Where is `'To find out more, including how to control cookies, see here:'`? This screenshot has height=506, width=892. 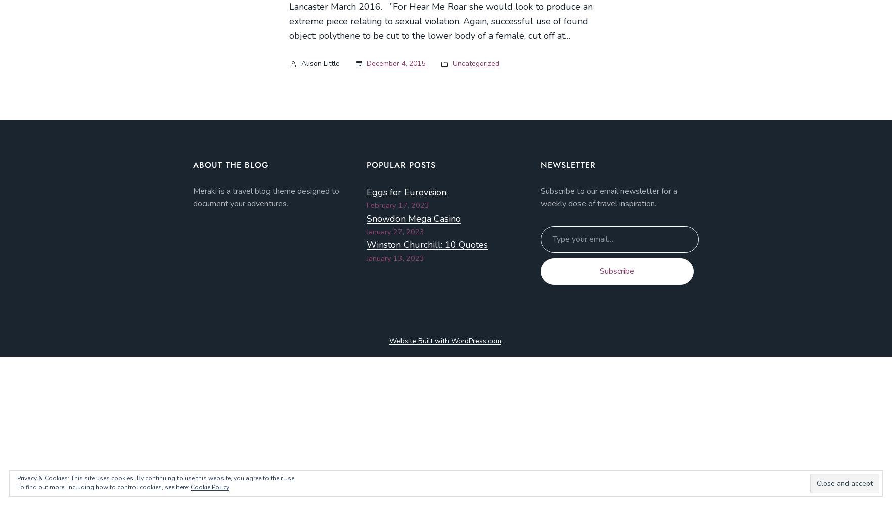
'To find out more, including how to control cookies, see here:' is located at coordinates (104, 487).